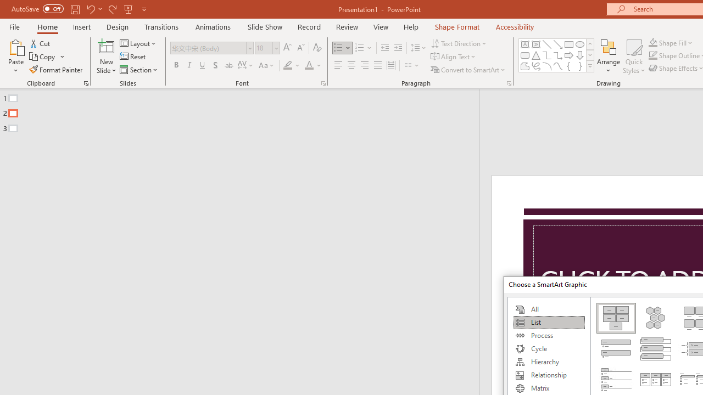 This screenshot has height=395, width=703. I want to click on 'Cycle', so click(549, 349).